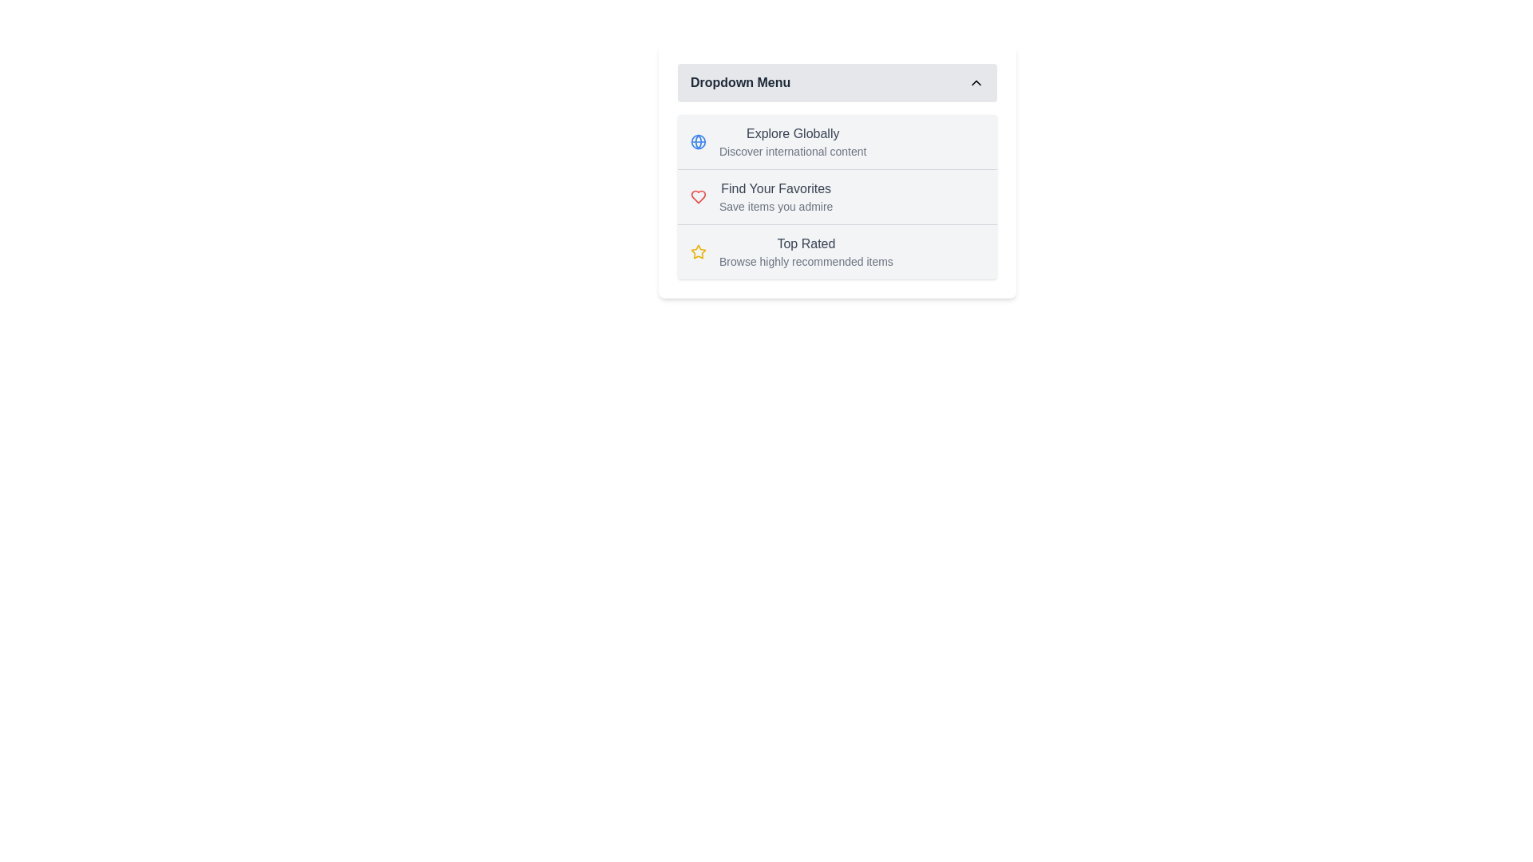  What do you see at coordinates (806, 251) in the screenshot?
I see `the 'Top Rated' menu item in the dropdown menu for accessibility navigation` at bounding box center [806, 251].